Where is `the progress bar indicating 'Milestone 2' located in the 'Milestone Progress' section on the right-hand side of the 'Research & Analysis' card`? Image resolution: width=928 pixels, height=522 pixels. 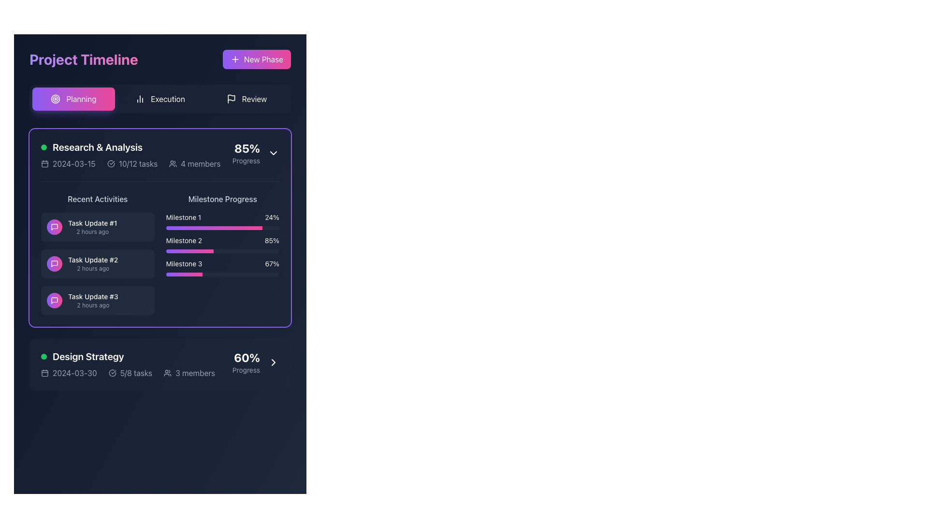
the progress bar indicating 'Milestone 2' located in the 'Milestone Progress' section on the right-hand side of the 'Research & Analysis' card is located at coordinates (222, 244).